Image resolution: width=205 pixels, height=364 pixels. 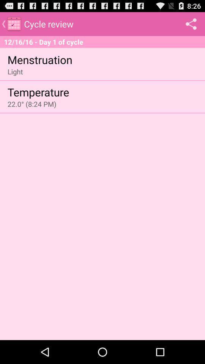 I want to click on menstruation app, so click(x=40, y=59).